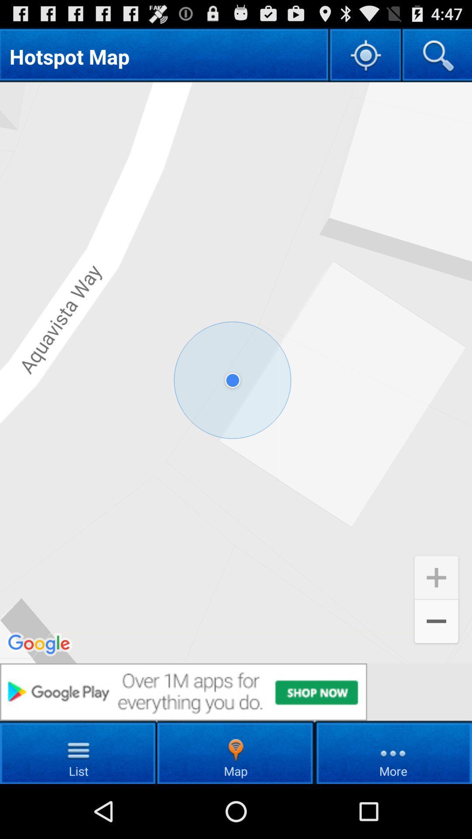 Image resolution: width=472 pixels, height=839 pixels. I want to click on the search icon, so click(436, 58).